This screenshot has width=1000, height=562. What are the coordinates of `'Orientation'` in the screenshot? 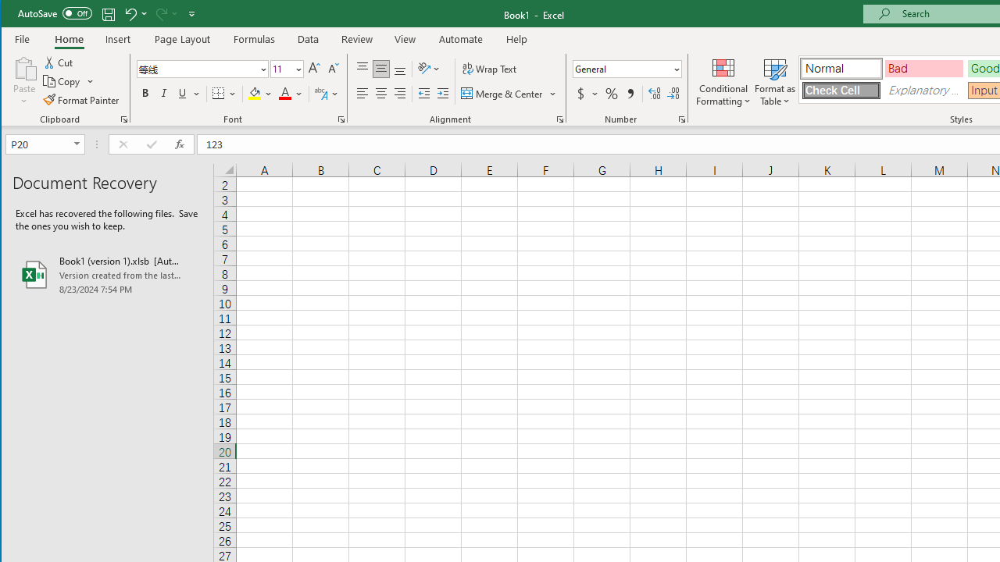 It's located at (430, 68).